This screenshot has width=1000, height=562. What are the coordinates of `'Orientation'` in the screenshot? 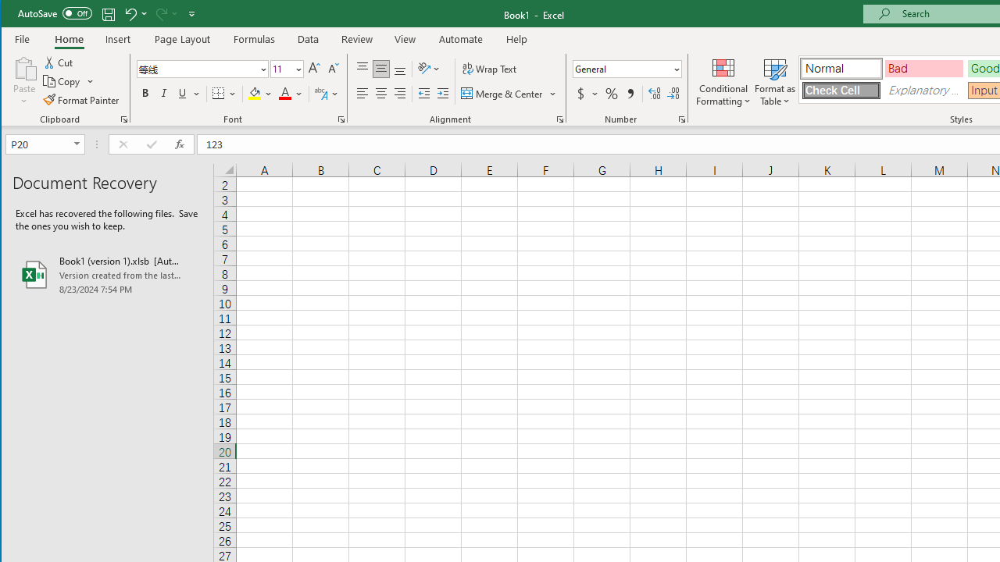 It's located at (430, 68).